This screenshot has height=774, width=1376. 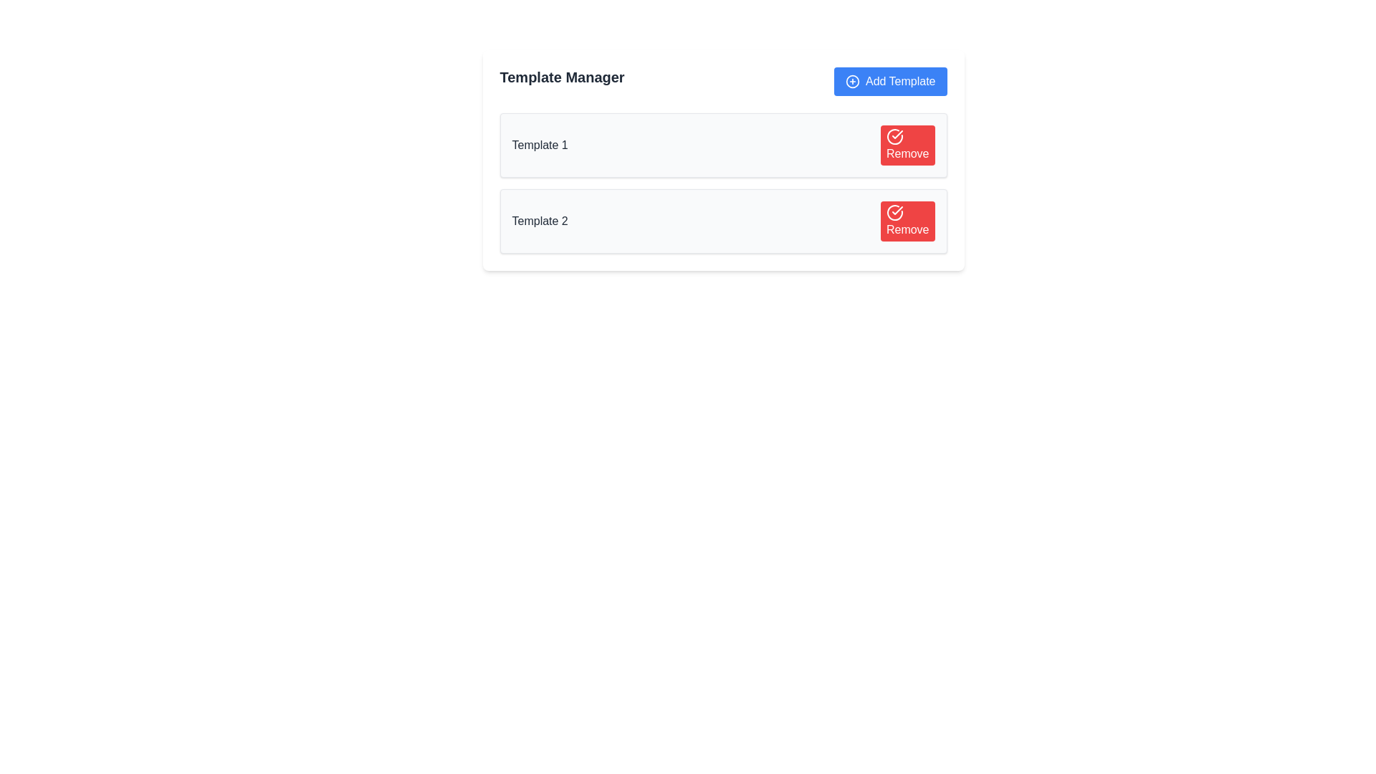 What do you see at coordinates (853, 82) in the screenshot?
I see `the circle-plus shaped icon located to the left of the 'Add Template' button, which visually indicates the action of adding new templates` at bounding box center [853, 82].